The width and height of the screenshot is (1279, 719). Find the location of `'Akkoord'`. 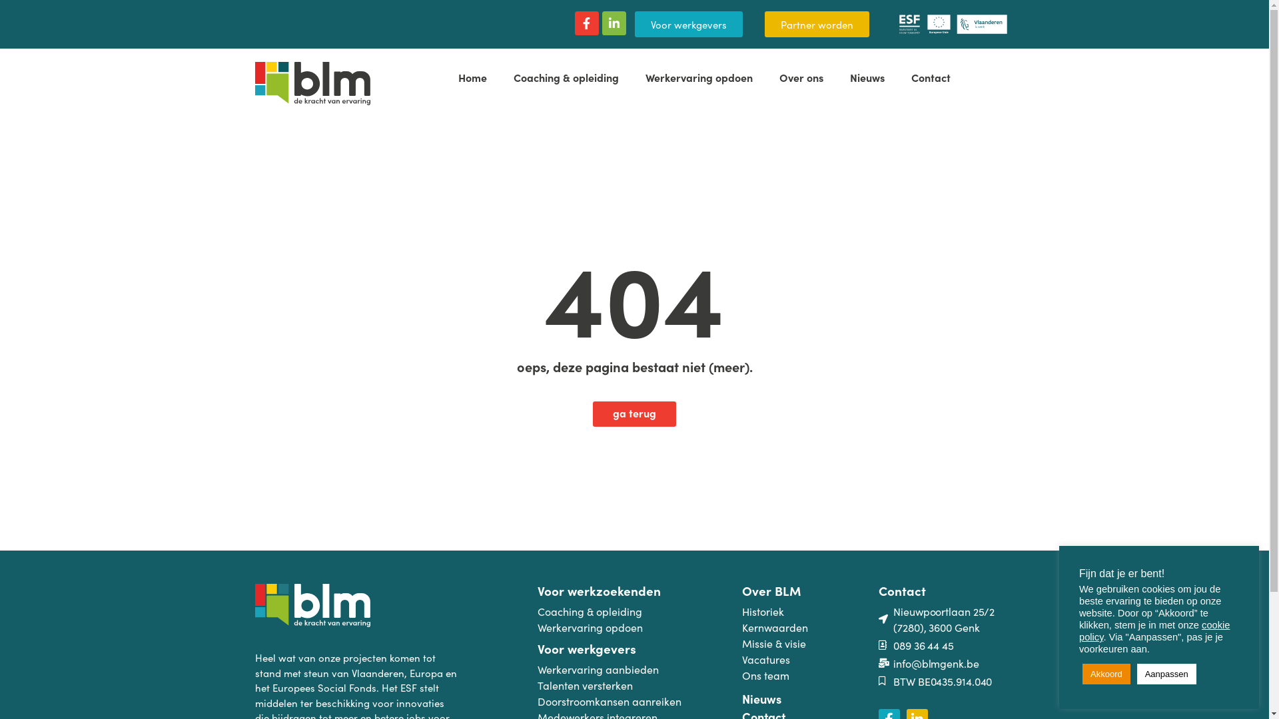

'Akkoord' is located at coordinates (1106, 674).